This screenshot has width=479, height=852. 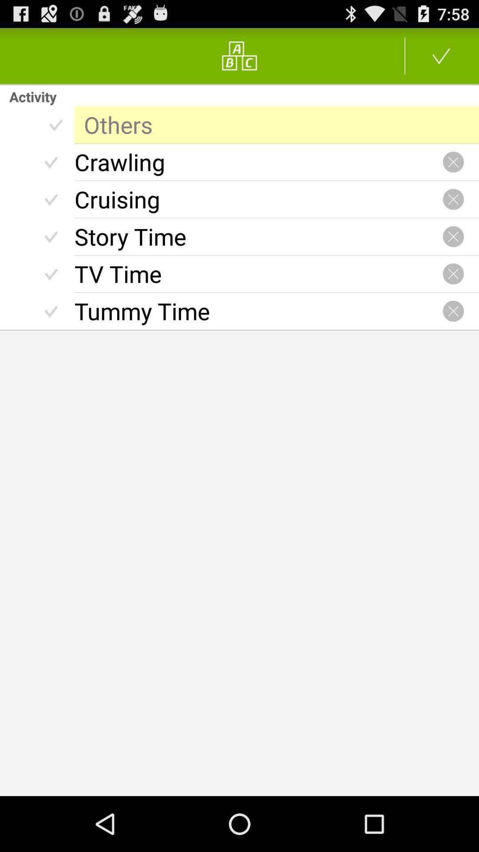 What do you see at coordinates (258, 237) in the screenshot?
I see `the story time icon` at bounding box center [258, 237].